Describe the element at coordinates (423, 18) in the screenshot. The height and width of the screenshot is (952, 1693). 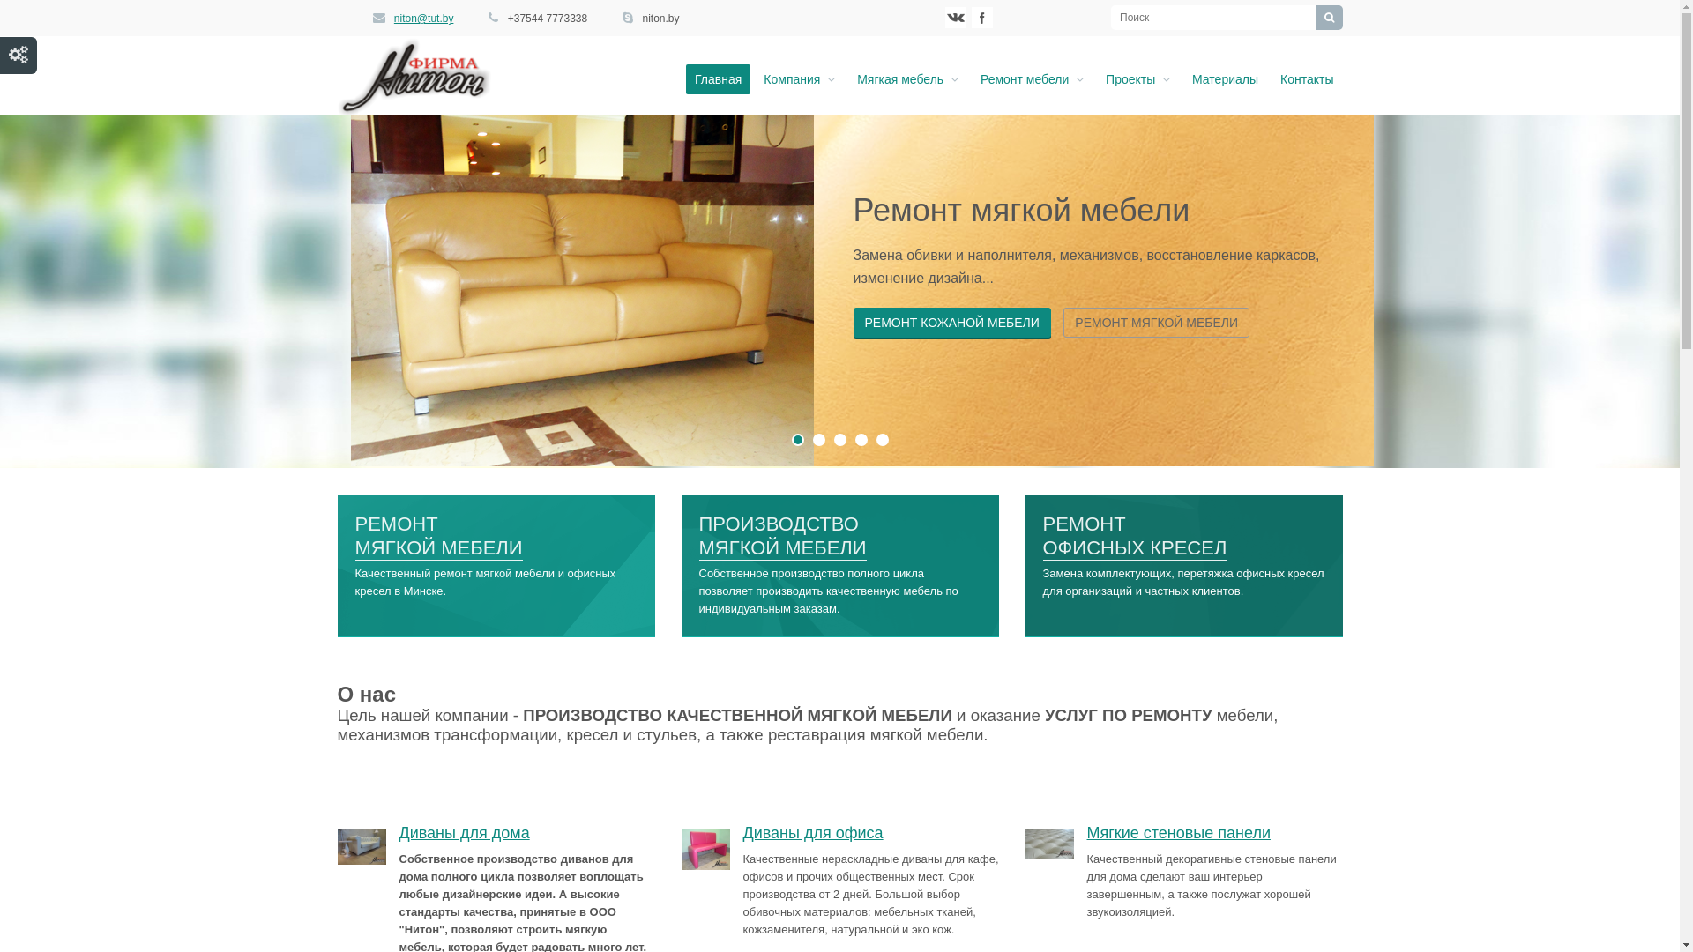
I see `'niton@tut.by'` at that location.